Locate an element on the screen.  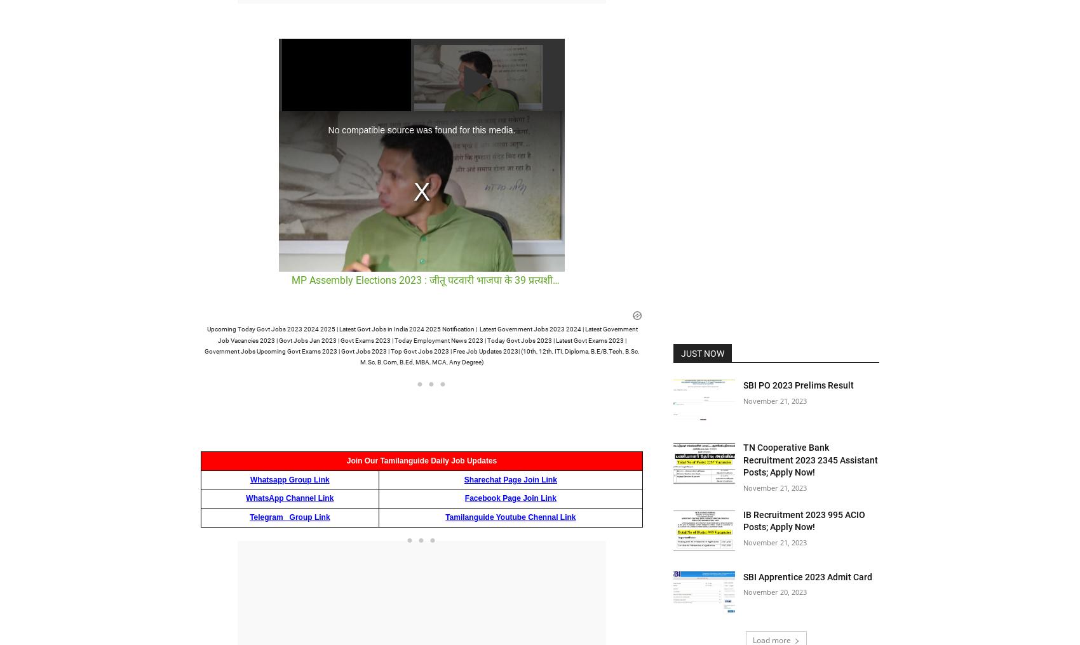
'Just Now' is located at coordinates (703, 352).